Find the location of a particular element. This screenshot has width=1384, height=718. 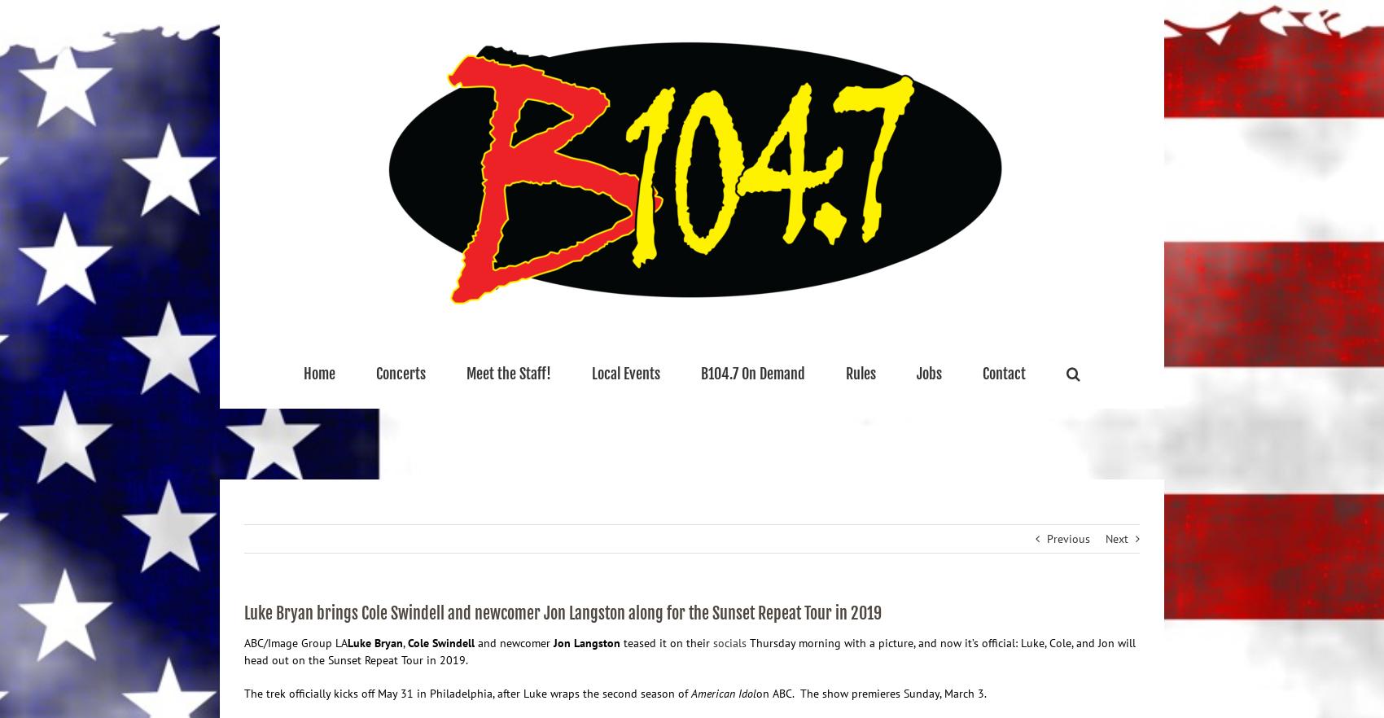

'Local Events' is located at coordinates (625, 373).